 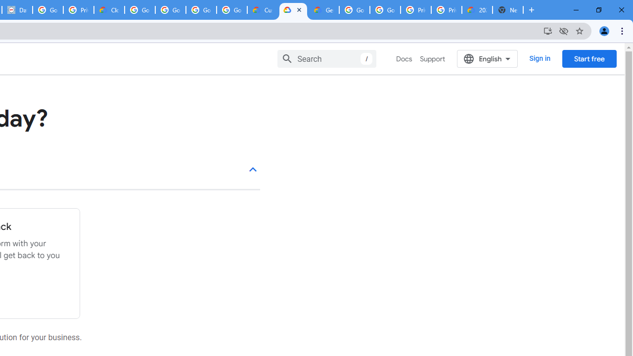 What do you see at coordinates (323, 10) in the screenshot?
I see `'Gemini for Business and Developers | Google Cloud'` at bounding box center [323, 10].